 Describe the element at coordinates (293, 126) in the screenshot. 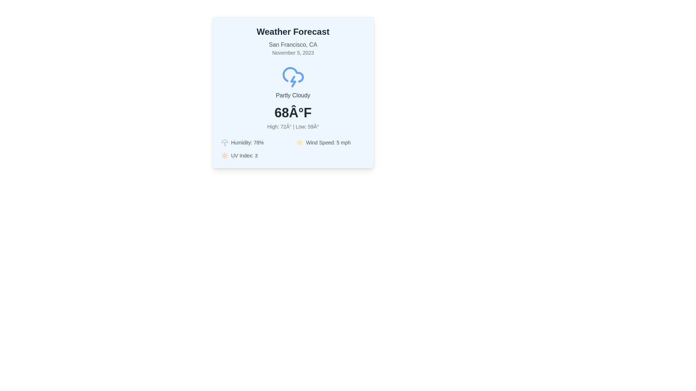

I see `the textual display showing 'High: 72° | Low: 59°' located below the temperature display within the weather information card` at that location.